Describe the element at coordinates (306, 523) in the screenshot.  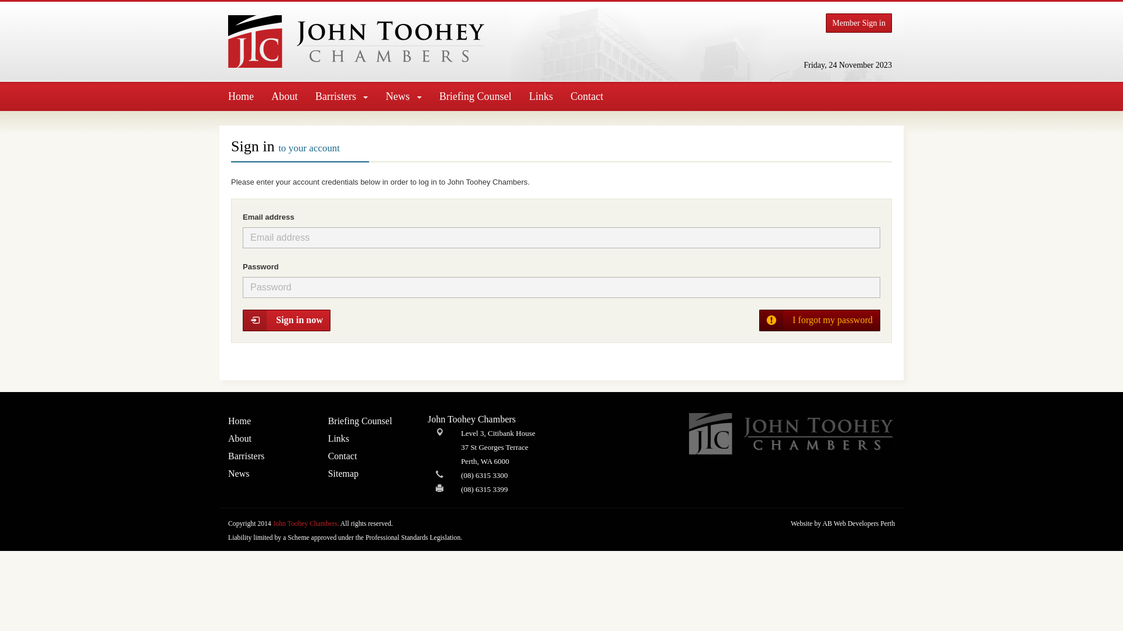
I see `'John Toohey Chambers.'` at that location.